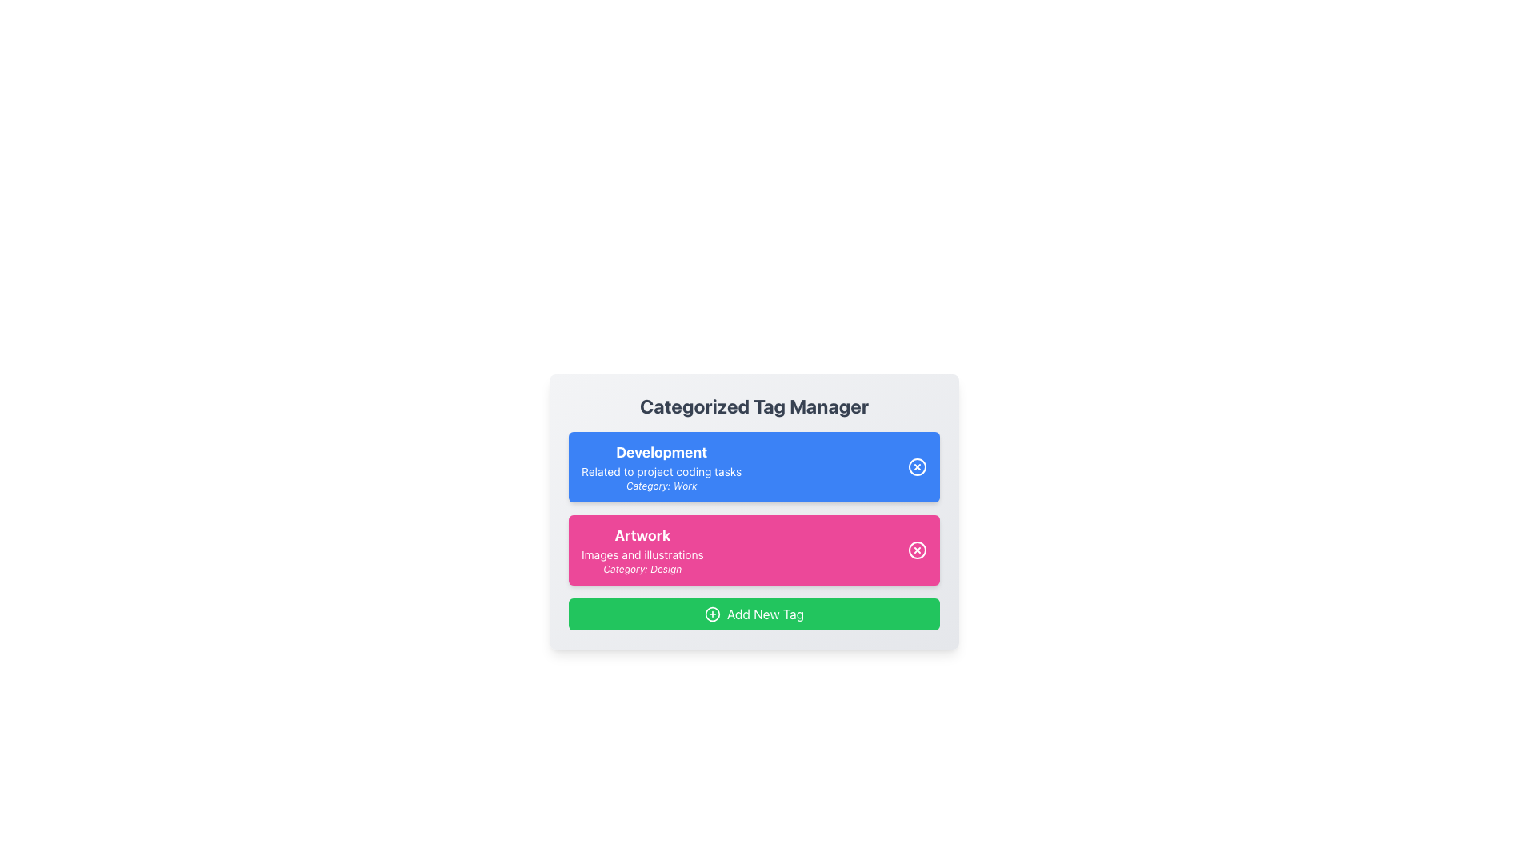 This screenshot has width=1536, height=864. What do you see at coordinates (712, 613) in the screenshot?
I see `the icon indicating the action` at bounding box center [712, 613].